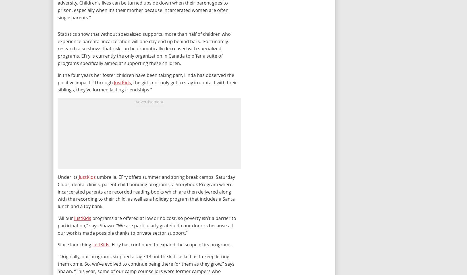  Describe the element at coordinates (66, 218) in the screenshot. I see `'“All our'` at that location.